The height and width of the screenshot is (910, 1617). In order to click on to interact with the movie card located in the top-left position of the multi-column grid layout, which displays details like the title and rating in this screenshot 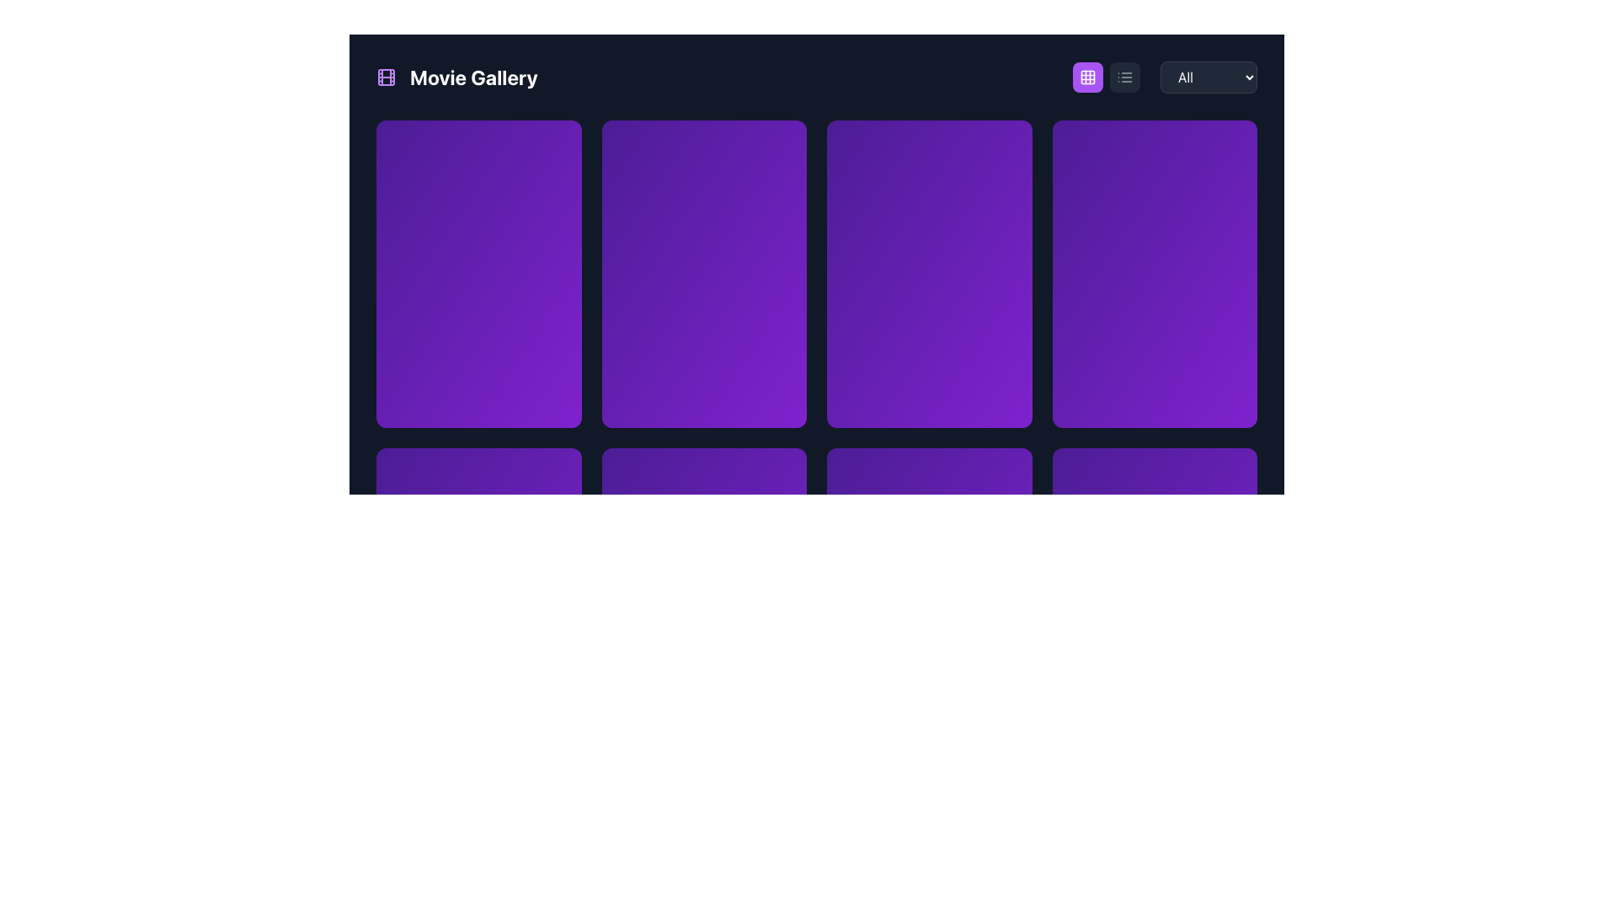, I will do `click(478, 273)`.